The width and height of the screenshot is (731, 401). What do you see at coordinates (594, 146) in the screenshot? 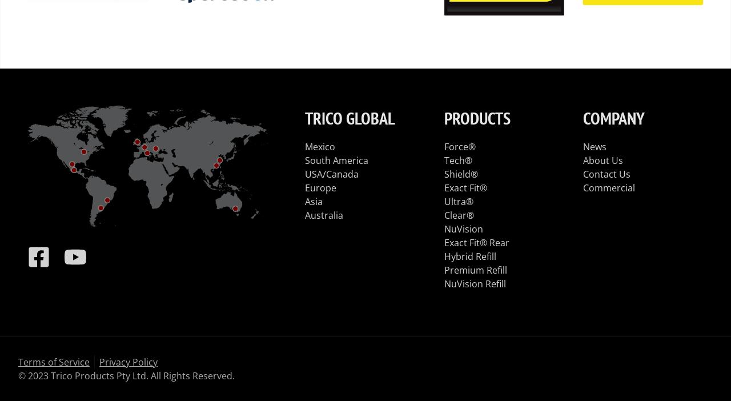
I see `'News'` at bounding box center [594, 146].